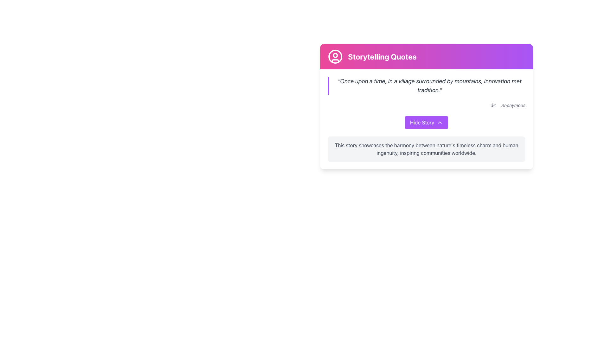 This screenshot has height=342, width=608. I want to click on the graphical icon located in the pink-to-purple gradient header, adjacent to the title 'Storytelling Quotes', so click(335, 56).